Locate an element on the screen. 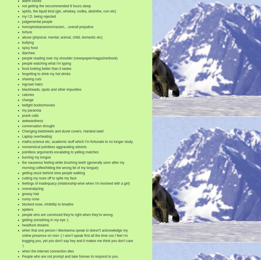 Image resolution: width=261 pixels, height=260 pixels. 'spicy food' is located at coordinates (29, 47).